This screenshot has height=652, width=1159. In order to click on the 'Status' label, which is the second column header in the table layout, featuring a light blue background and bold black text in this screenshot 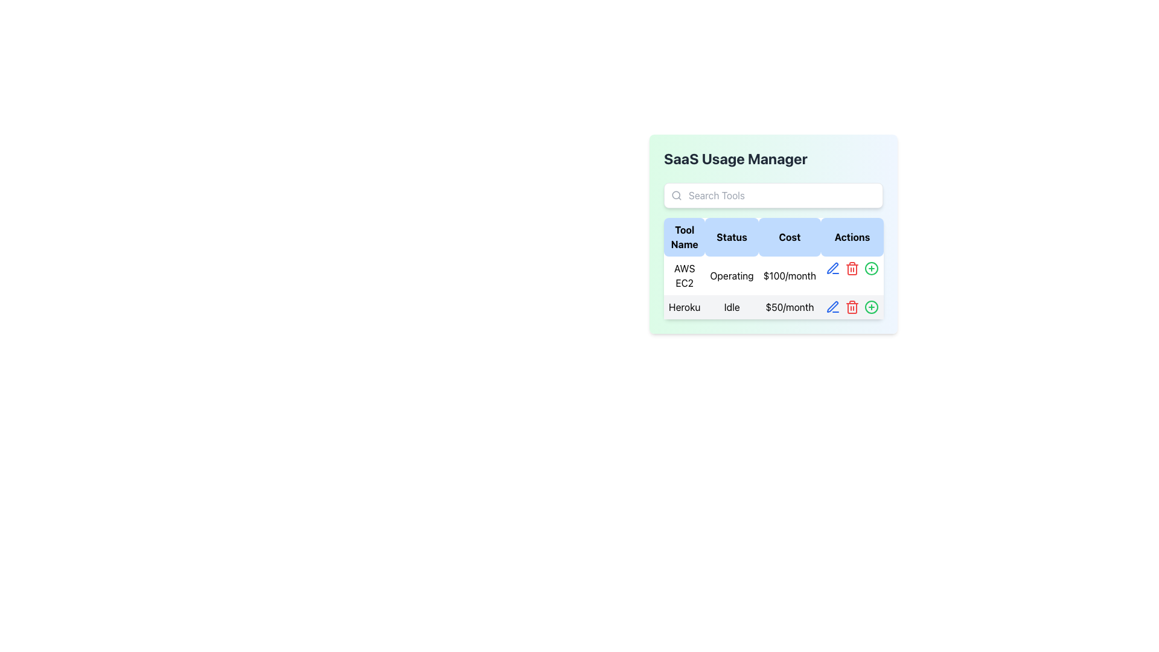, I will do `click(731, 237)`.